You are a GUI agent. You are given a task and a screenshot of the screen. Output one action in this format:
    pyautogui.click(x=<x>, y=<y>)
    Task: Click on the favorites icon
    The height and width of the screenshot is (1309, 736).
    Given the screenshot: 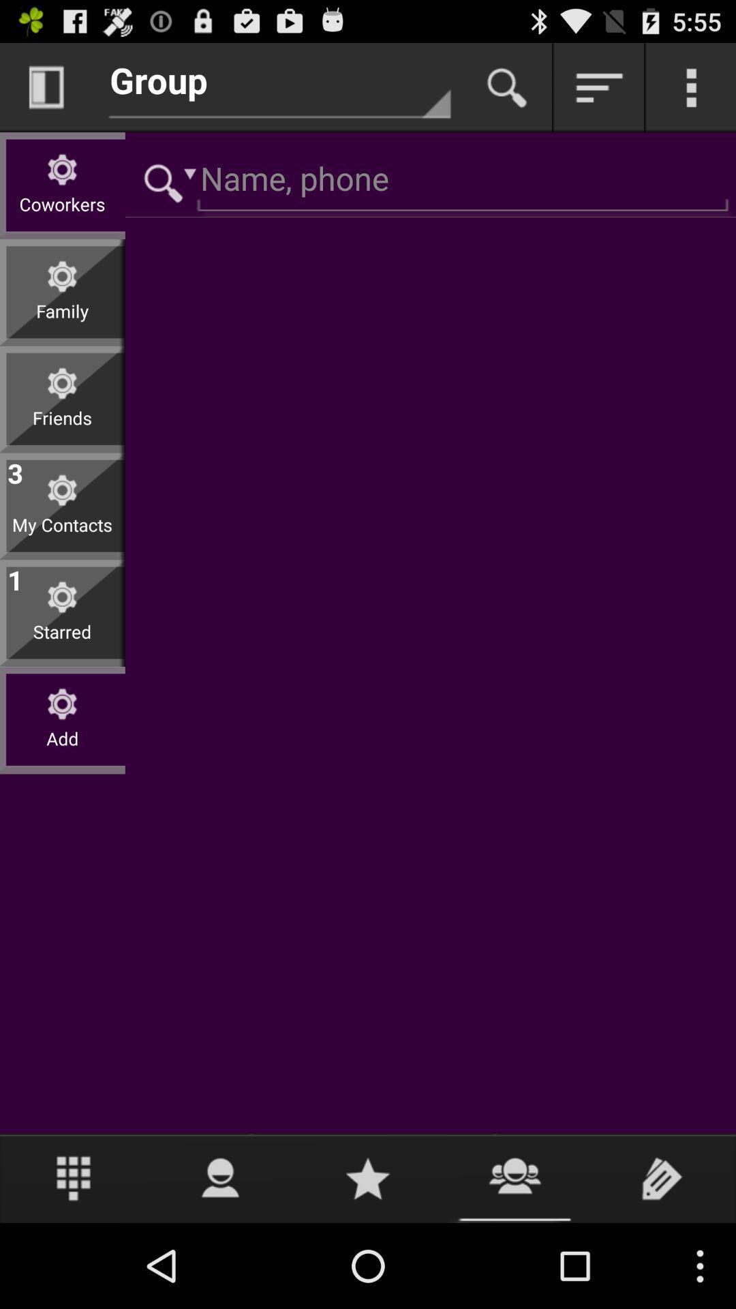 What is the action you would take?
    pyautogui.click(x=368, y=1177)
    